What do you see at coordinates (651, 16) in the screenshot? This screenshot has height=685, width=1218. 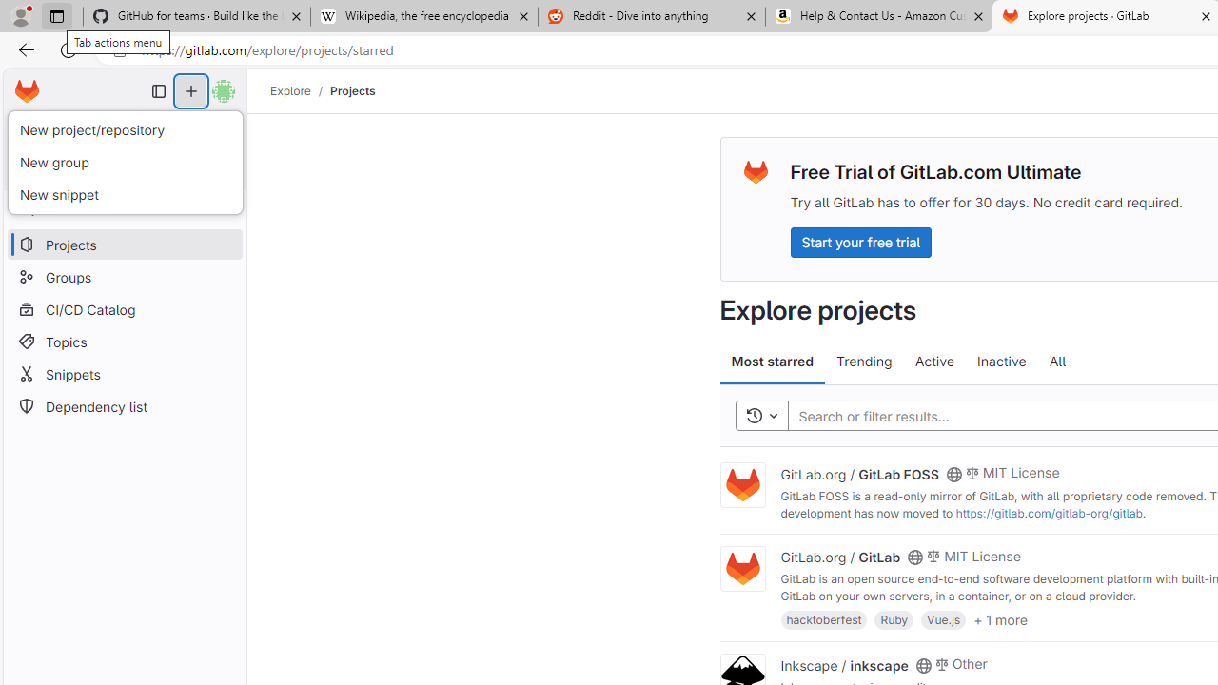 I see `'Reddit - Dive into anything'` at bounding box center [651, 16].